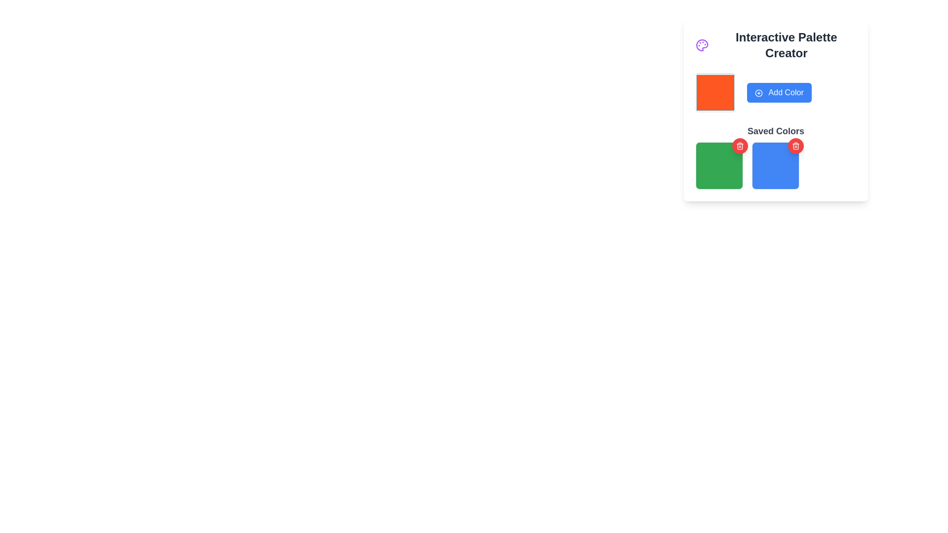 The height and width of the screenshot is (533, 948). What do you see at coordinates (740, 146) in the screenshot?
I see `the delete button located at the top-right corner of the green color tile in the 'Saved Colors' section` at bounding box center [740, 146].